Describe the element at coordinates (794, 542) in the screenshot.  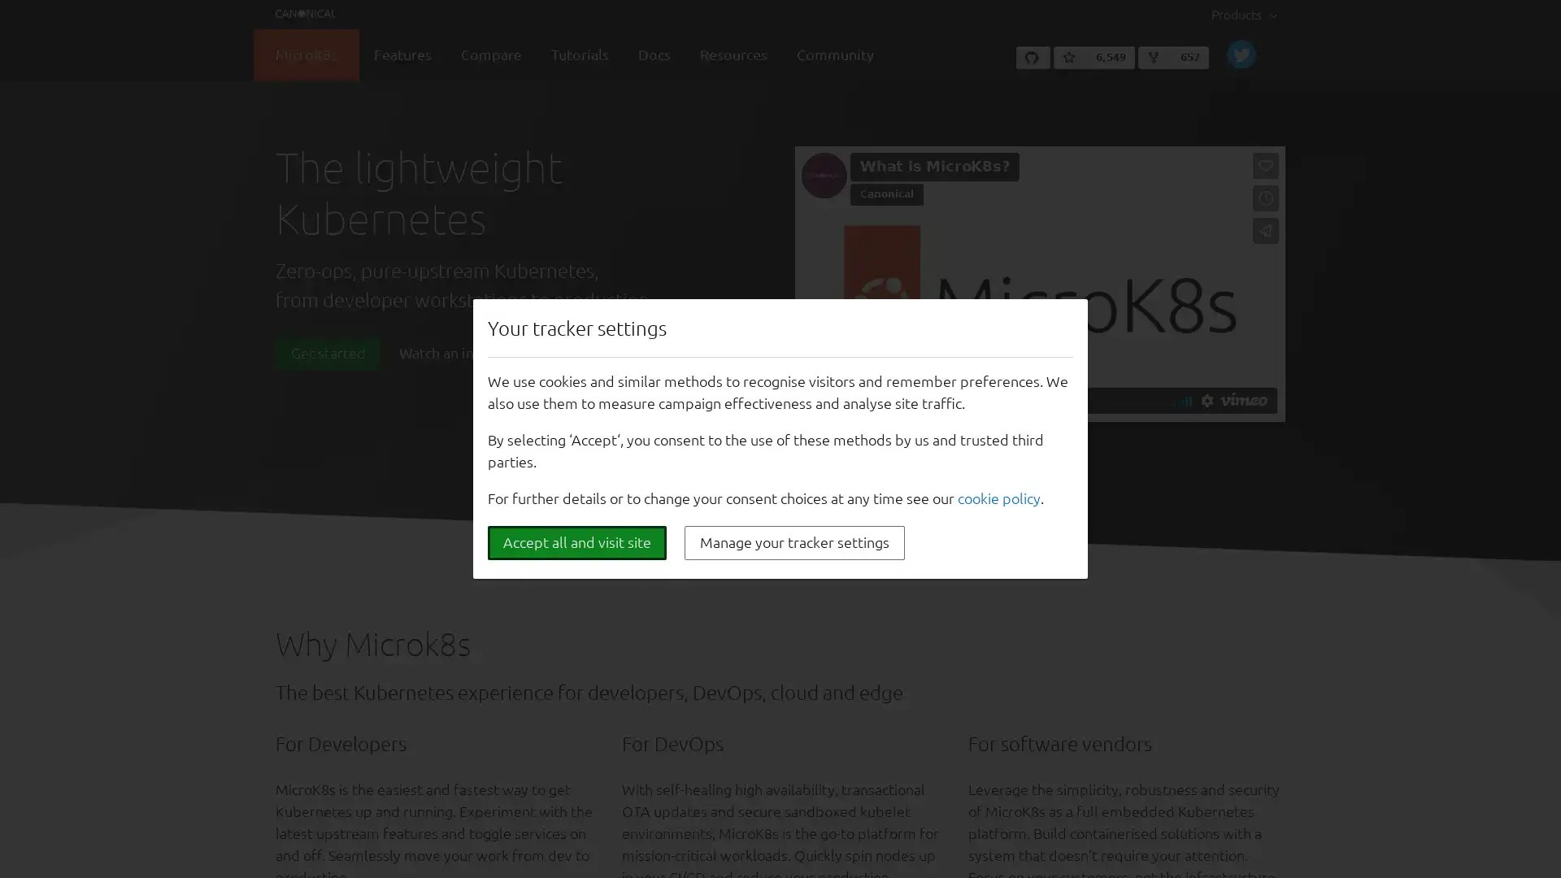
I see `Manage your tracker settings` at that location.